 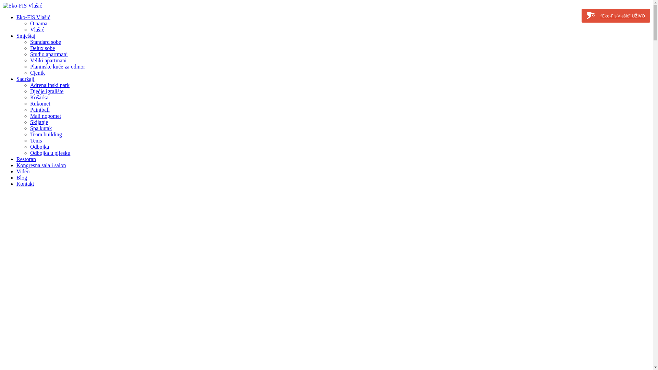 I want to click on 'Spa kutak', so click(x=29, y=128).